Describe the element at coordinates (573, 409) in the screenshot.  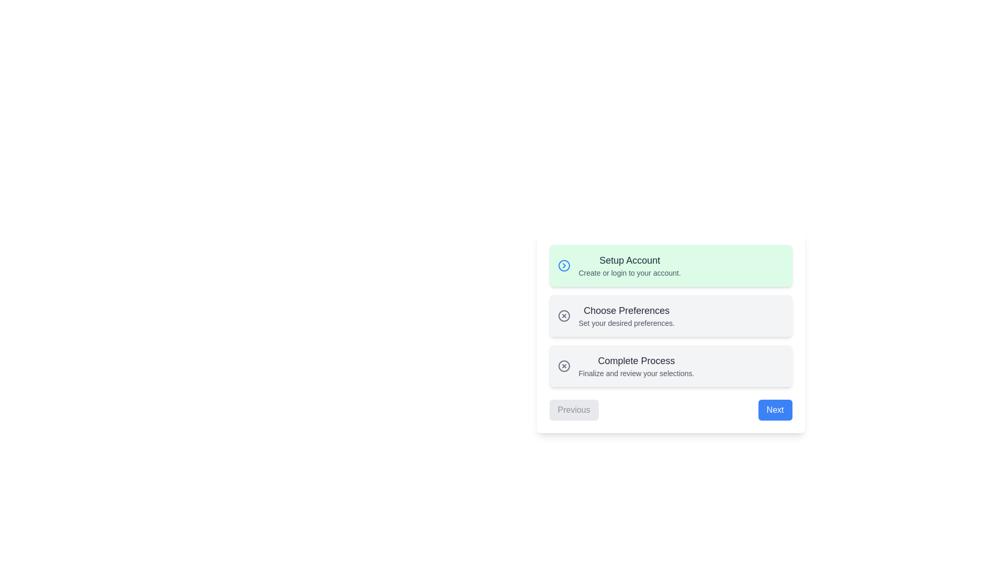
I see `the 'Previous' button with a light gray background and dark gray text` at that location.